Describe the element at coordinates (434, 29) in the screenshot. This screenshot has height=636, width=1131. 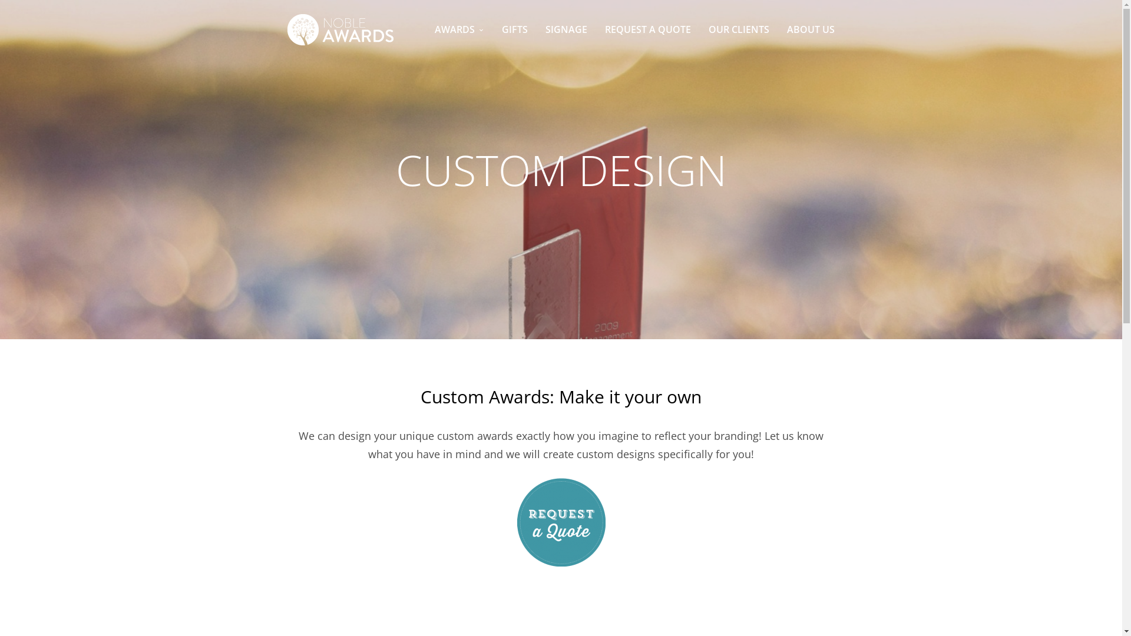
I see `'AWARDS'` at that location.